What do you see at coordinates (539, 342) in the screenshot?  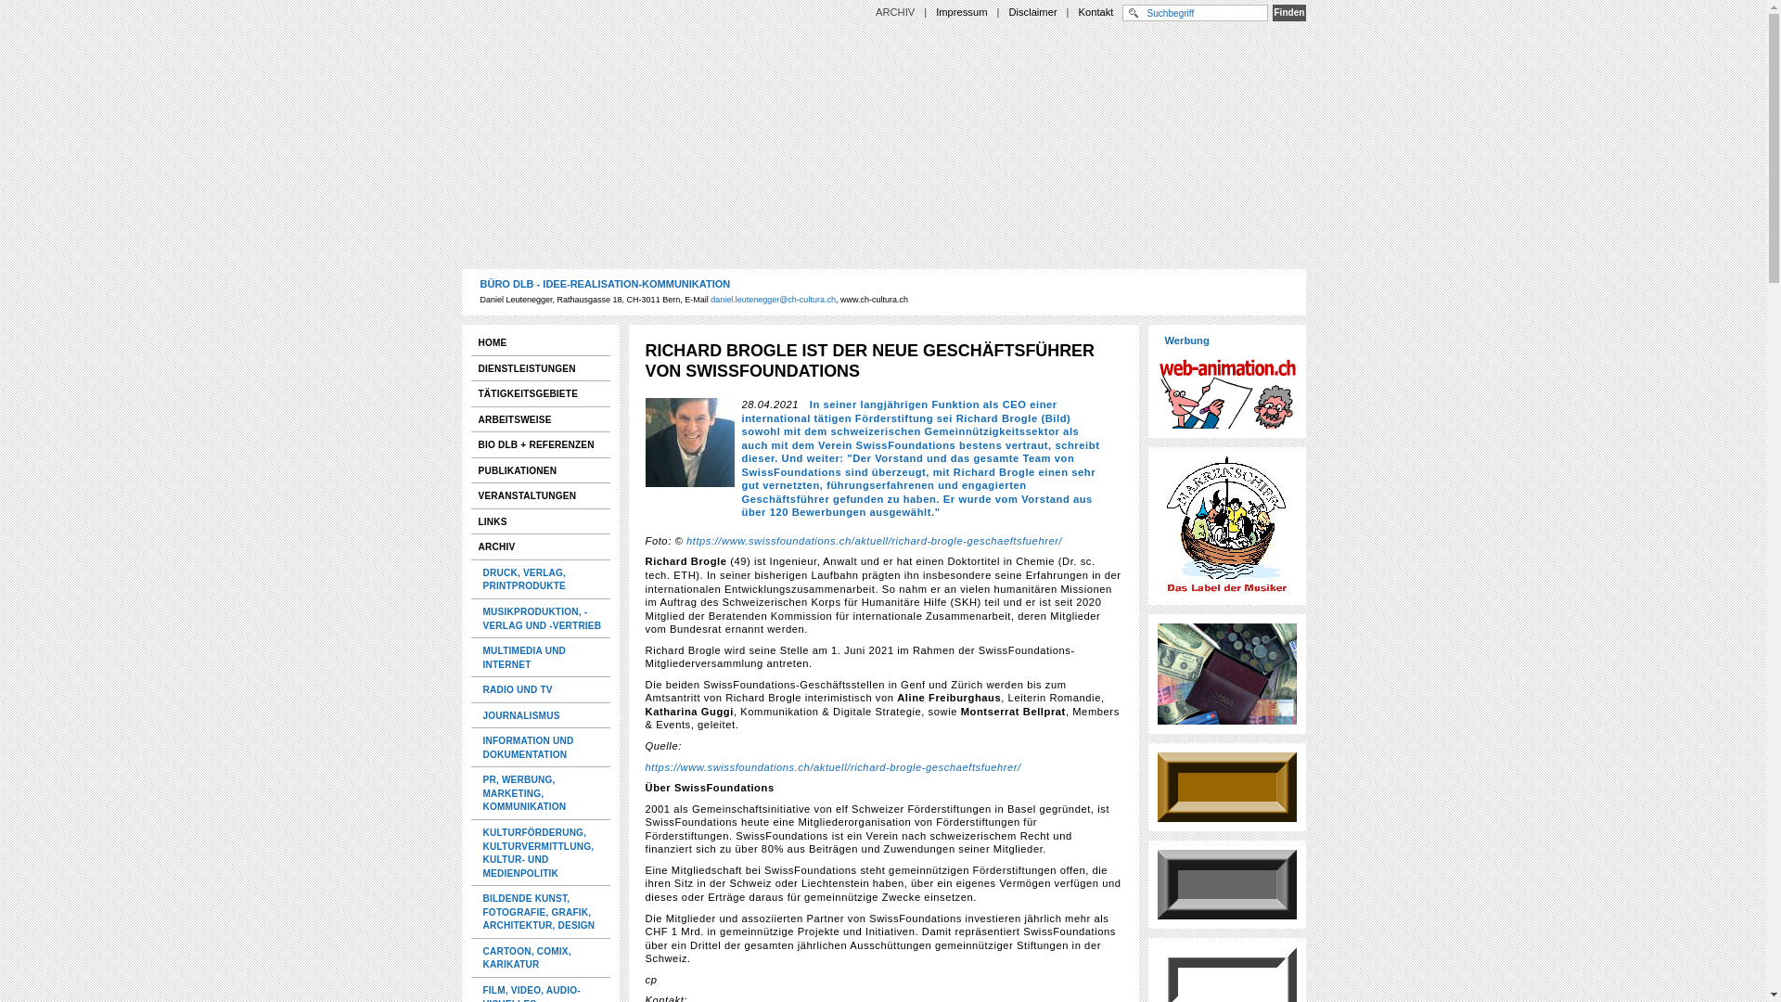 I see `'HOME'` at bounding box center [539, 342].